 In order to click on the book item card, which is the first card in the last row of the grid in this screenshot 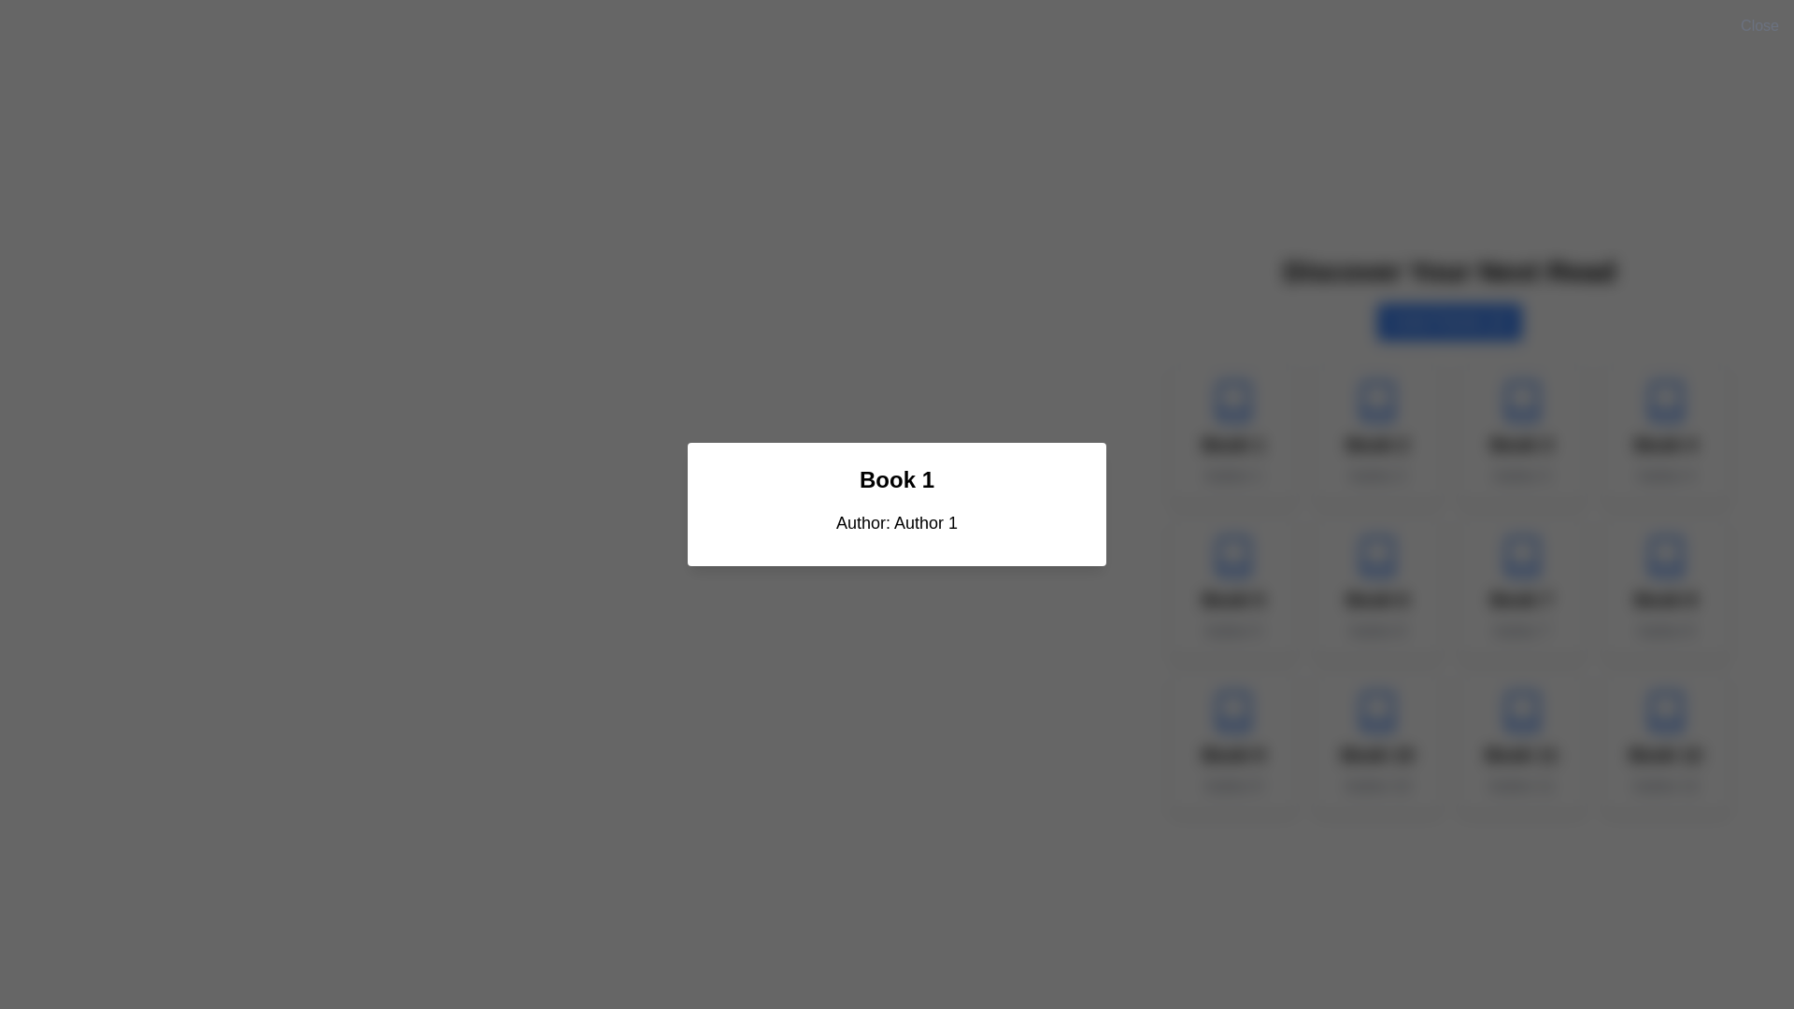, I will do `click(1233, 742)`.